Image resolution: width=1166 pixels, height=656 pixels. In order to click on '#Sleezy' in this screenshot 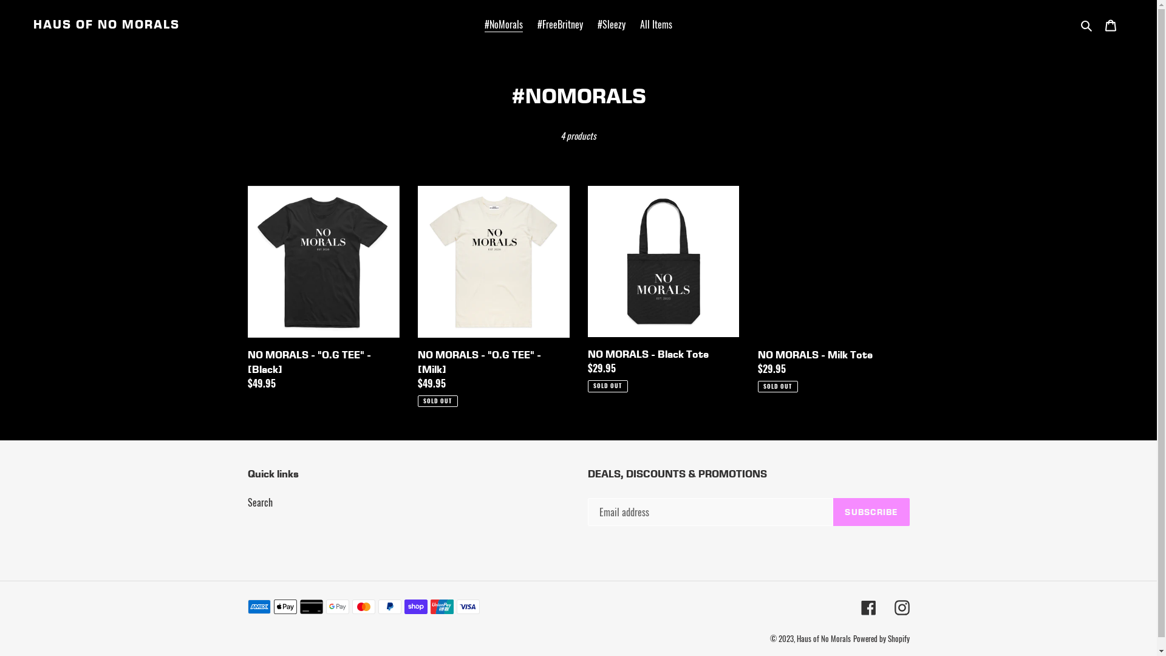, I will do `click(612, 24)`.